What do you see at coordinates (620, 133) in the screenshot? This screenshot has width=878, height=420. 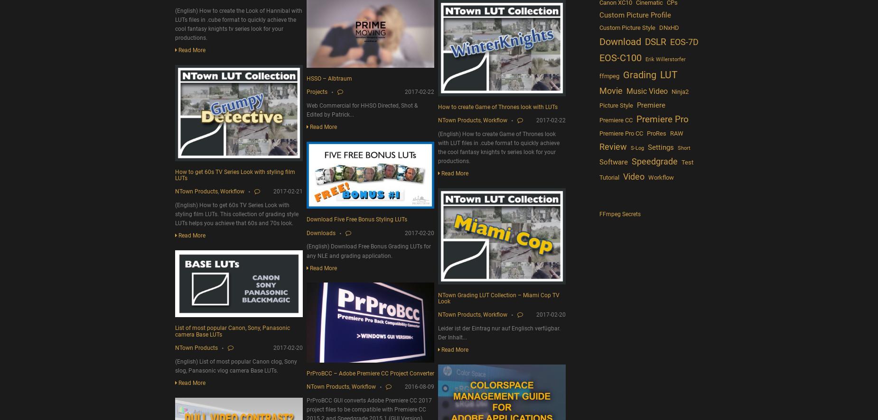 I see `'Premiere Pro CC'` at bounding box center [620, 133].